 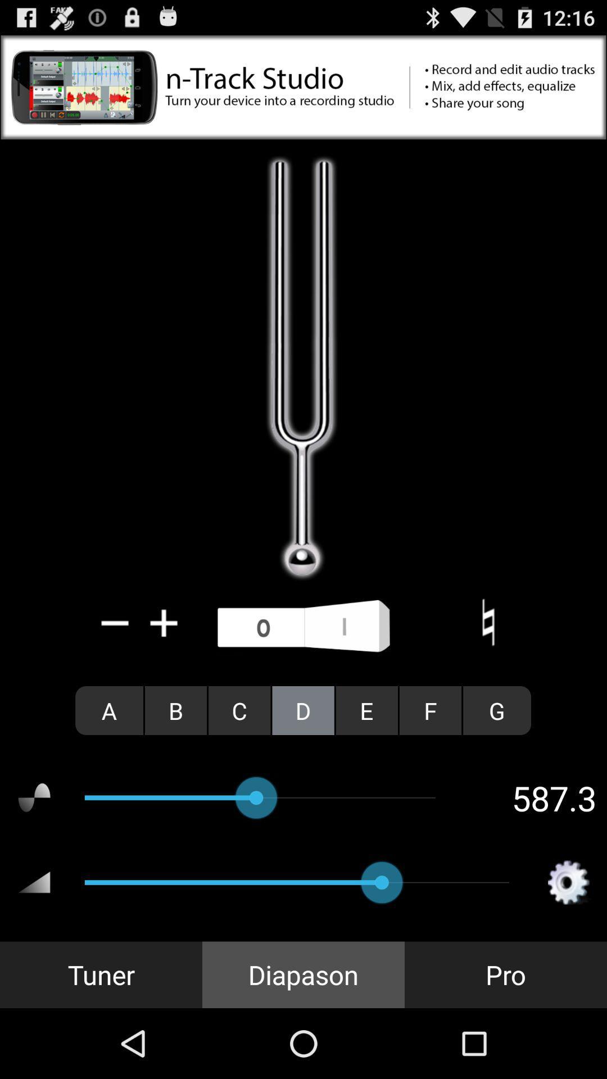 What do you see at coordinates (109, 710) in the screenshot?
I see `a` at bounding box center [109, 710].